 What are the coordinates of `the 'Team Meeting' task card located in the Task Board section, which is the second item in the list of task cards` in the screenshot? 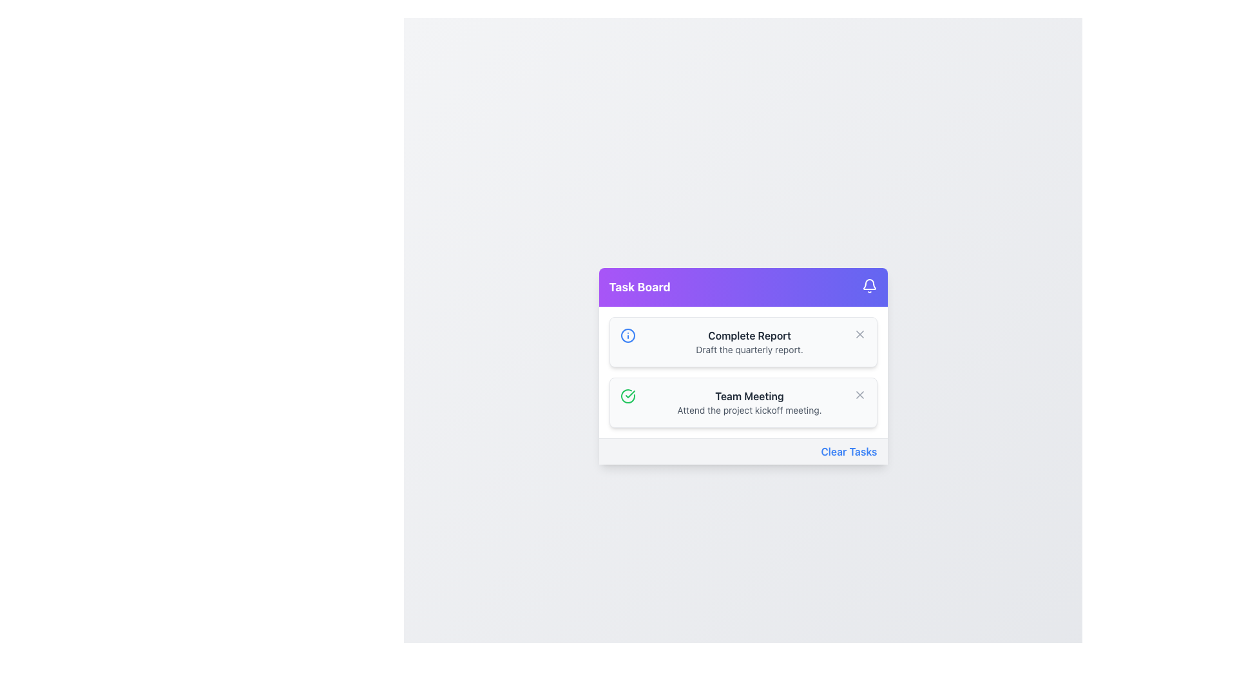 It's located at (743, 401).